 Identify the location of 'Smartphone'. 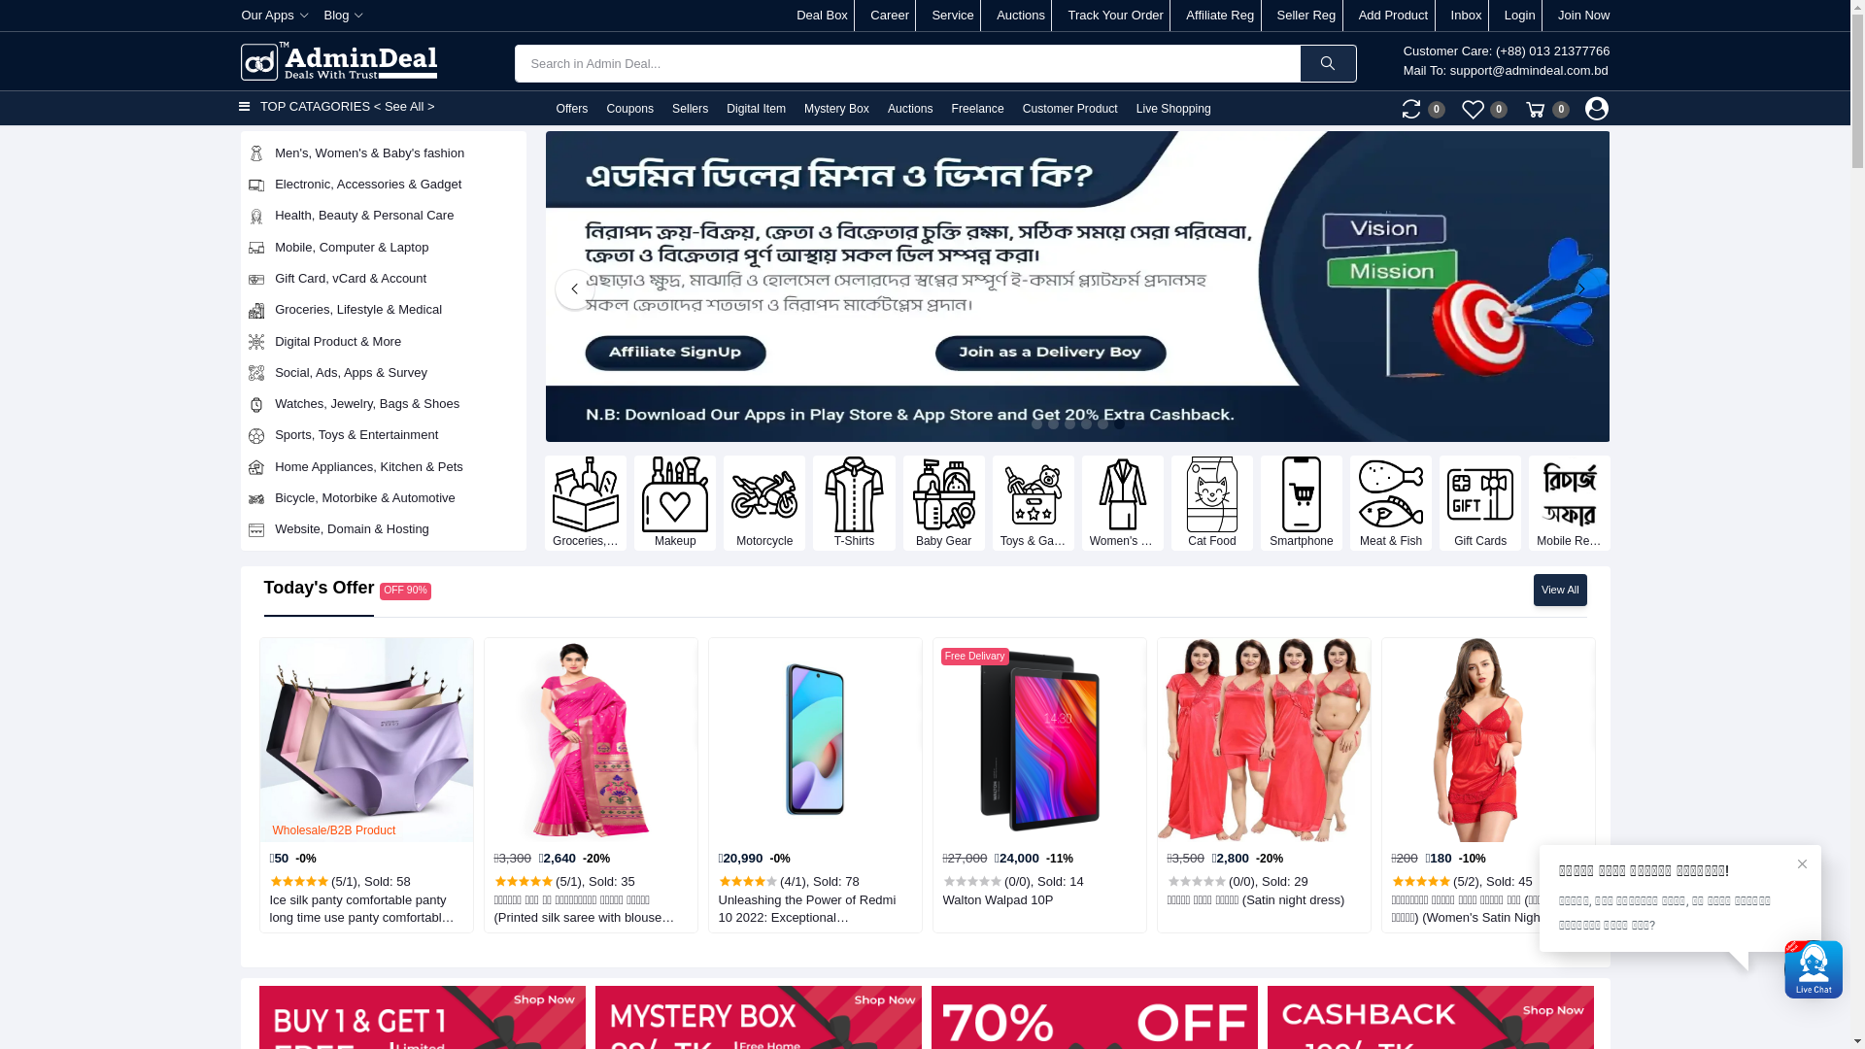
(1301, 501).